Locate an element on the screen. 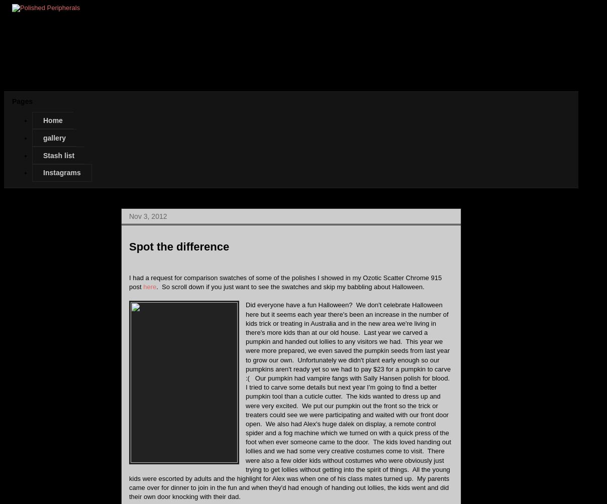 This screenshot has height=504, width=607. 'Pages' is located at coordinates (12, 100).